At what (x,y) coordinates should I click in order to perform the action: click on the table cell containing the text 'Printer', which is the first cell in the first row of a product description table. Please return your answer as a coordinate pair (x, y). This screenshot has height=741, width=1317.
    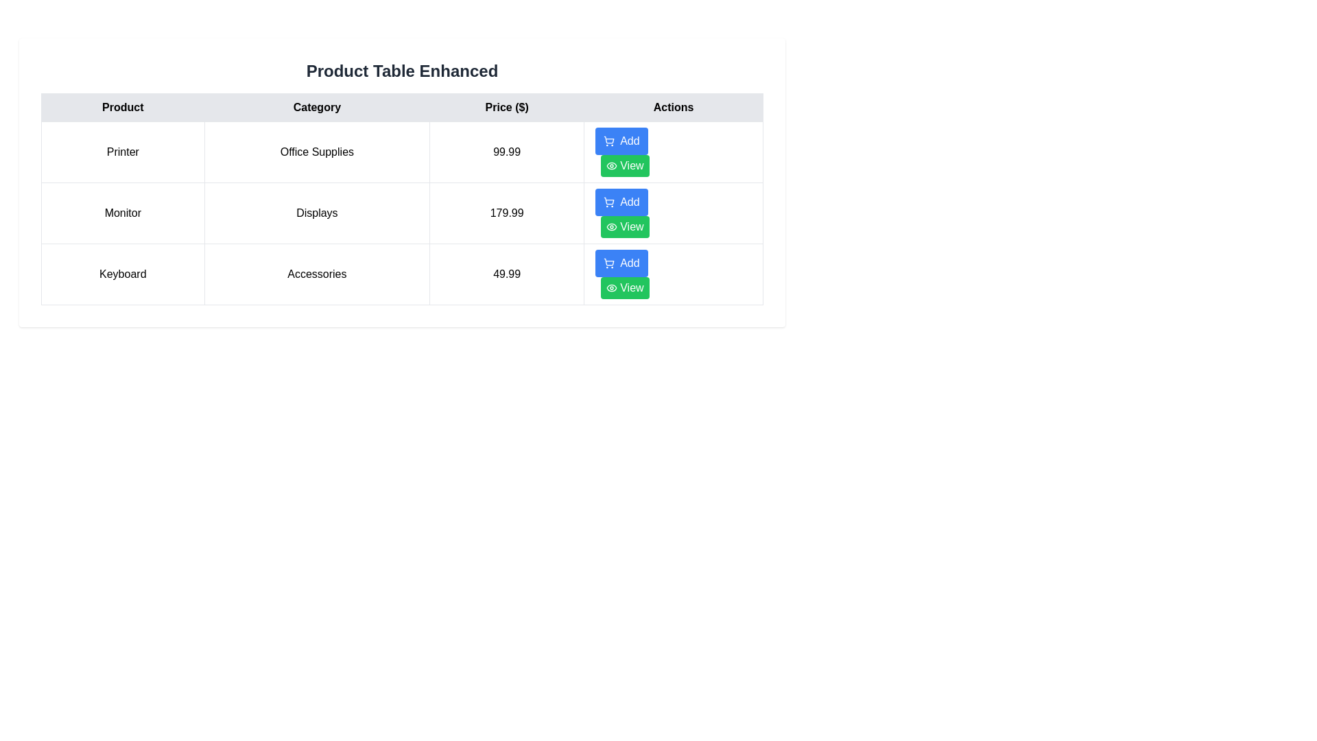
    Looking at the image, I should click on (123, 152).